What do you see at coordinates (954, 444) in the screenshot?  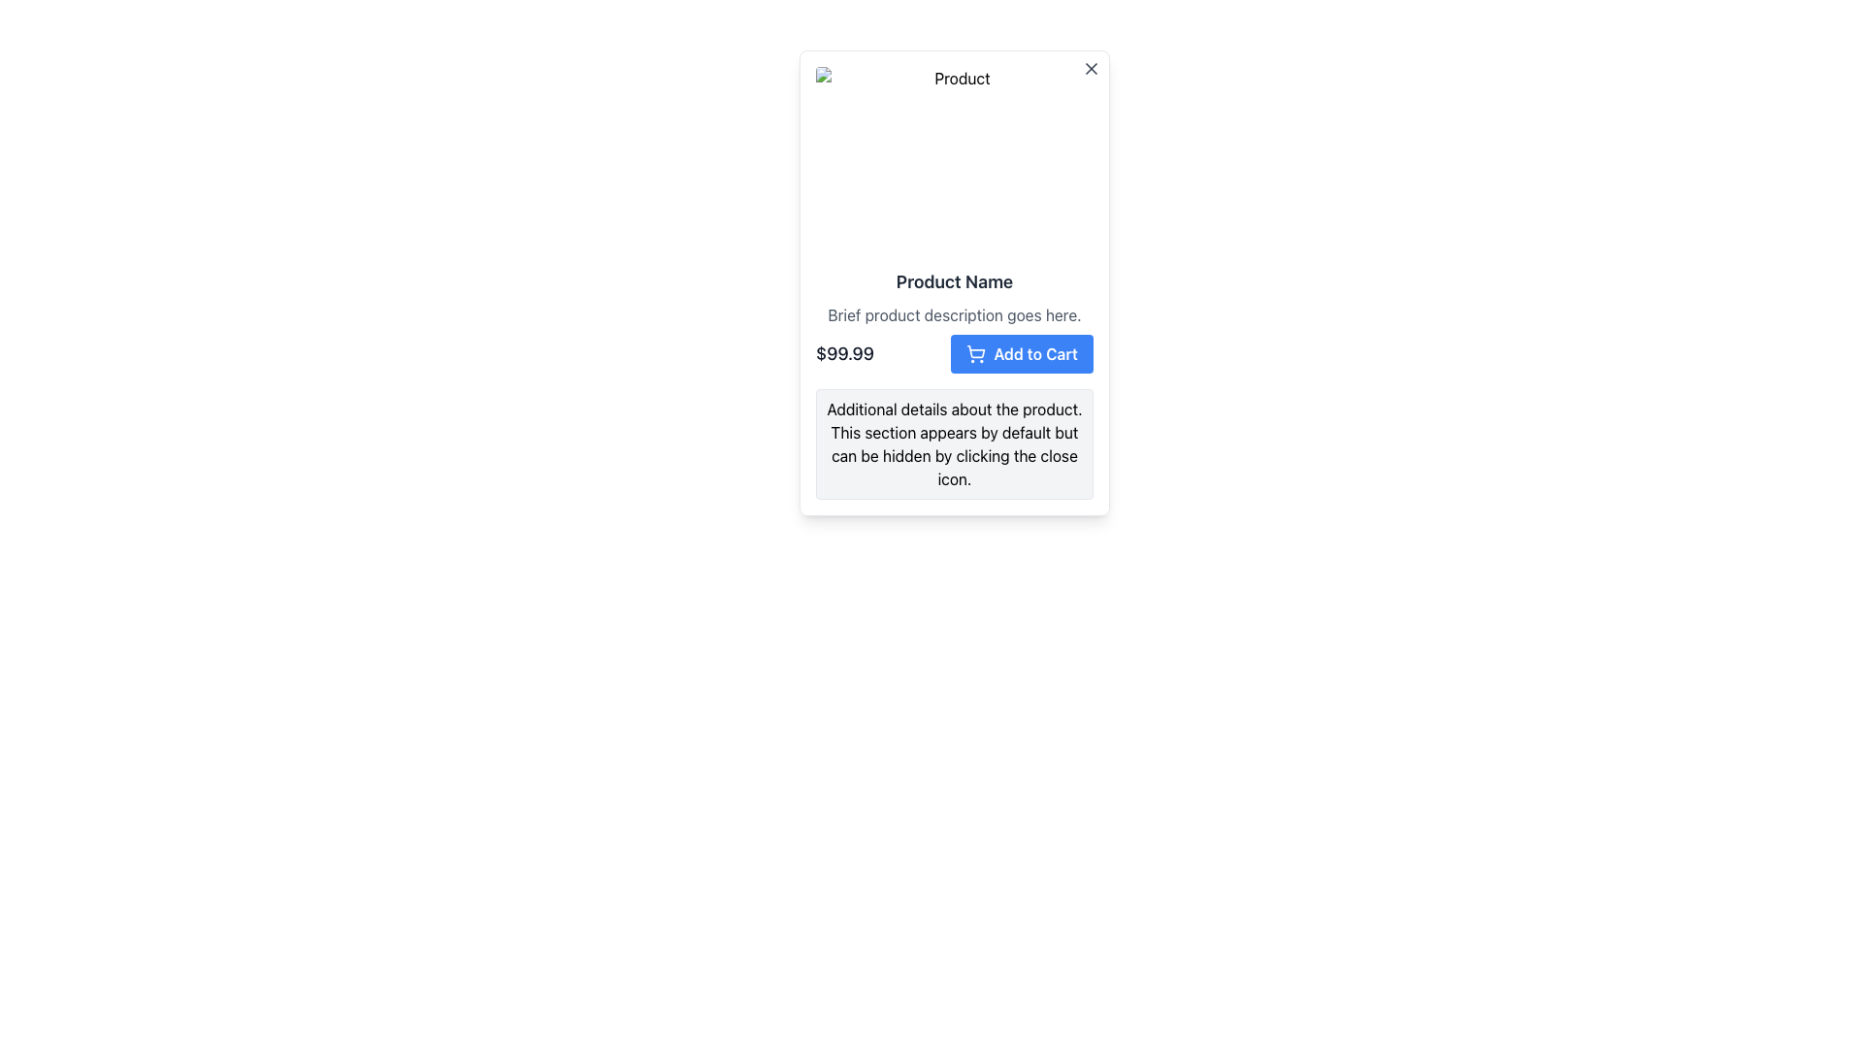 I see `the text box that contains additional product details, which has a light gray background and rounded corners` at bounding box center [954, 444].